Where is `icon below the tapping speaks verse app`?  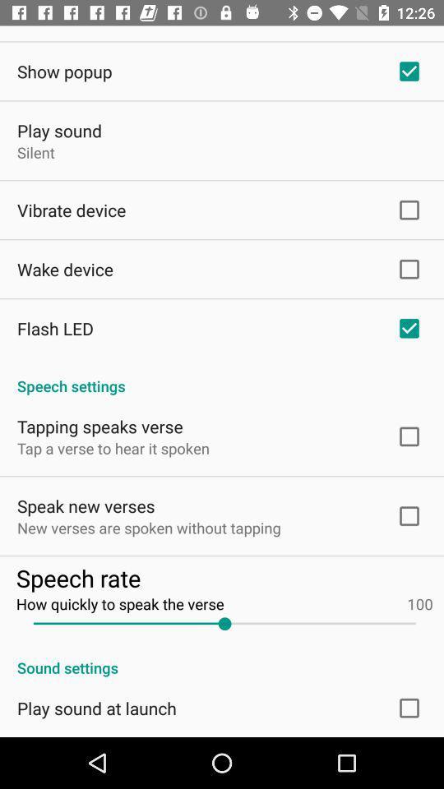 icon below the tapping speaks verse app is located at coordinates (113, 448).